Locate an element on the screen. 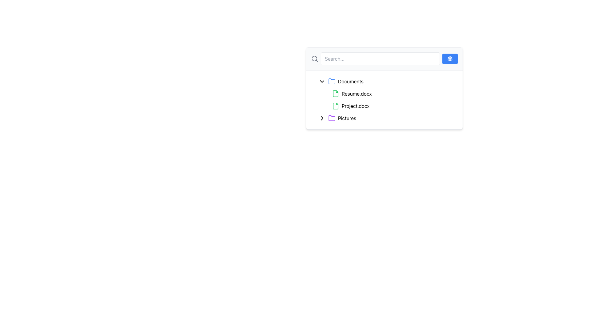  the gear/settings SVG icon located in the upper-right section of the search bar interface is located at coordinates (450, 59).